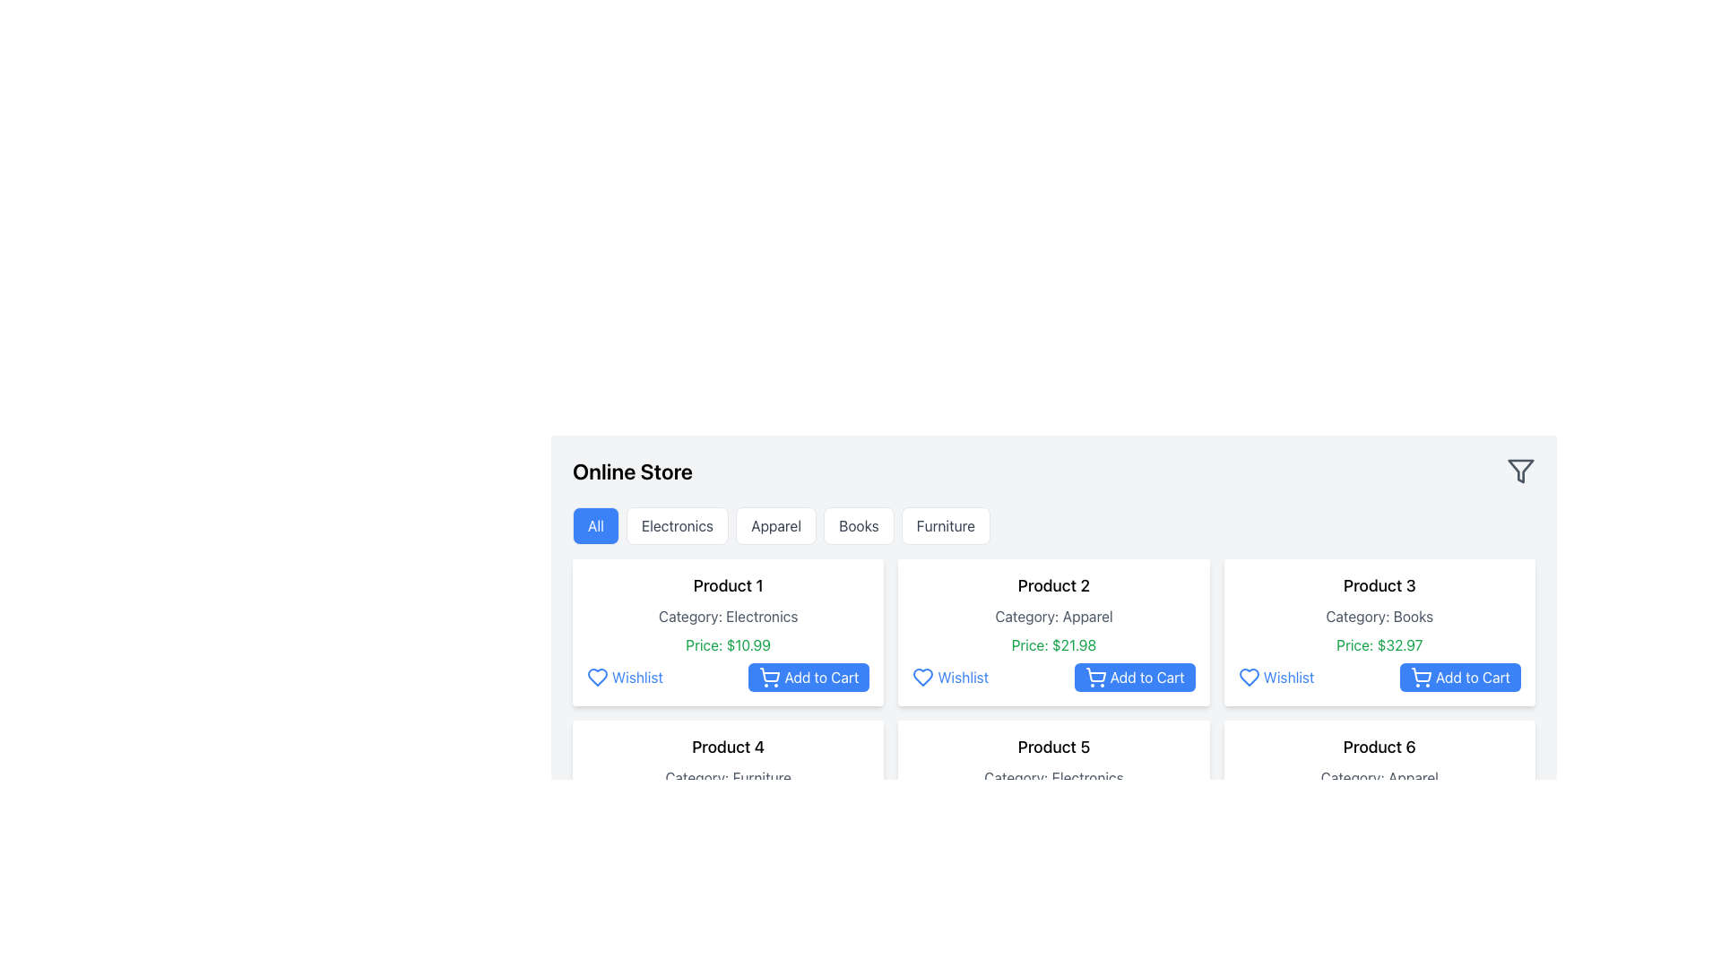 The height and width of the screenshot is (968, 1721). I want to click on the Wishlist button located in the third product card, below the product description and price, so click(1276, 678).